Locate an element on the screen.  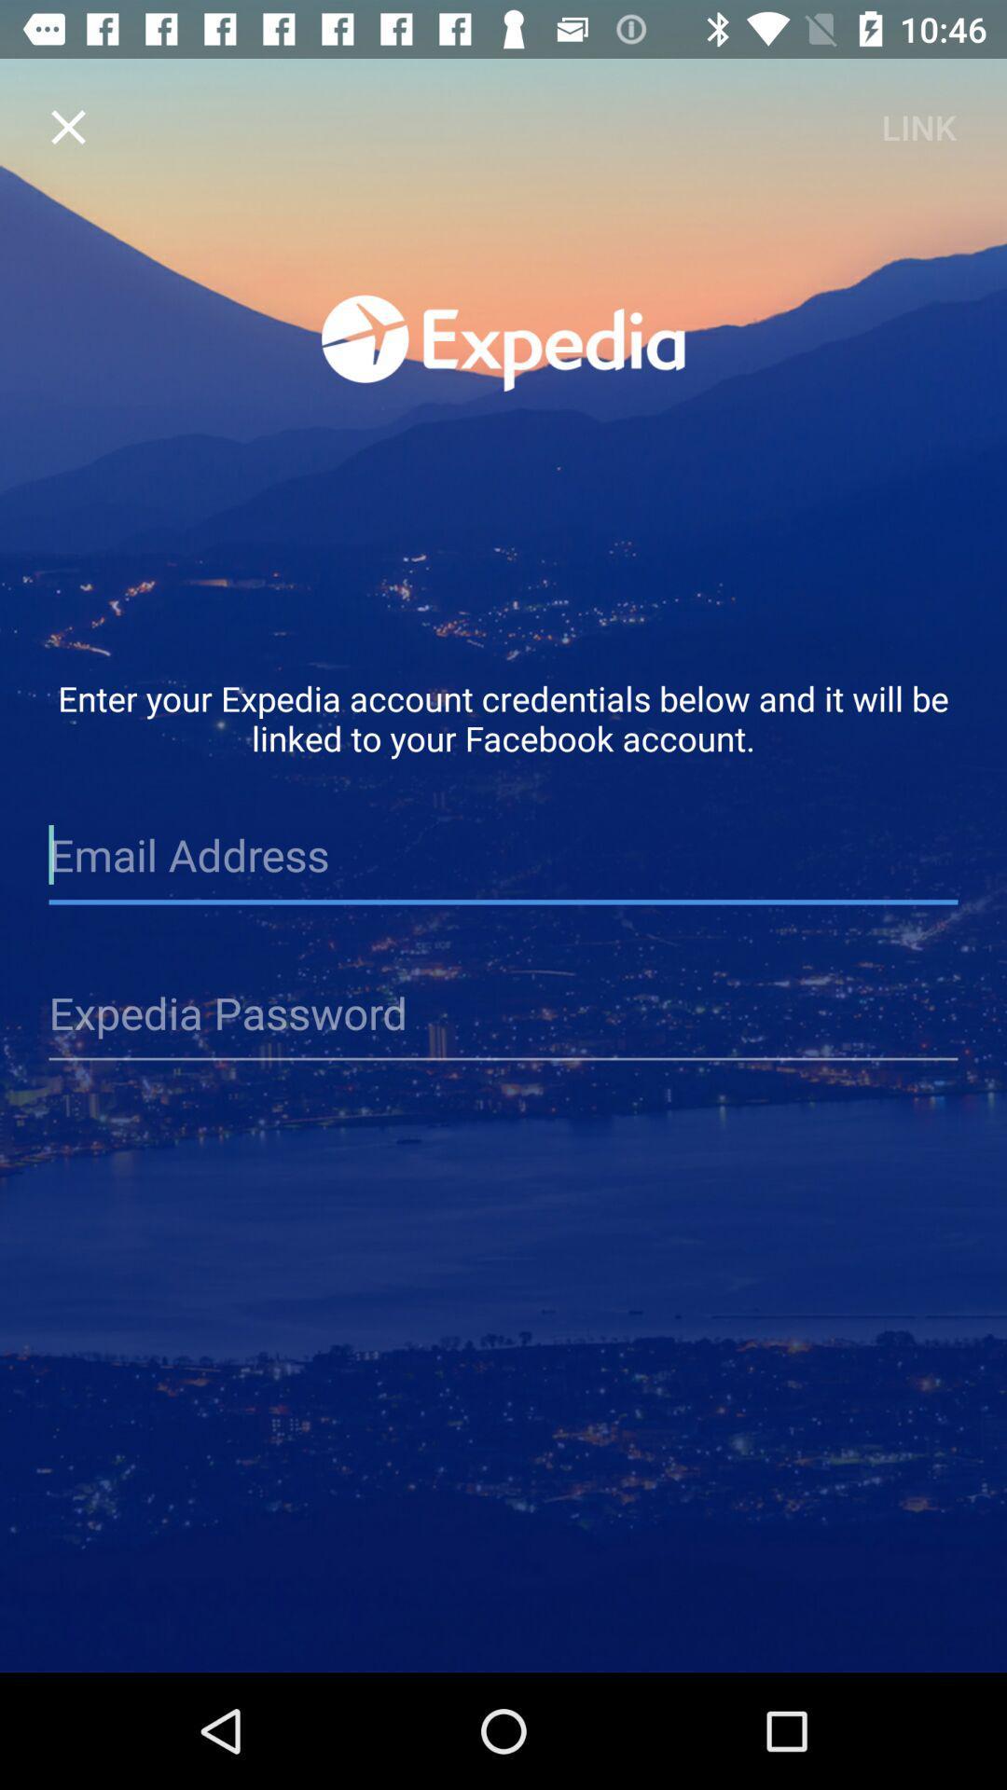
the icon above the enter your expedia item is located at coordinates (917, 126).